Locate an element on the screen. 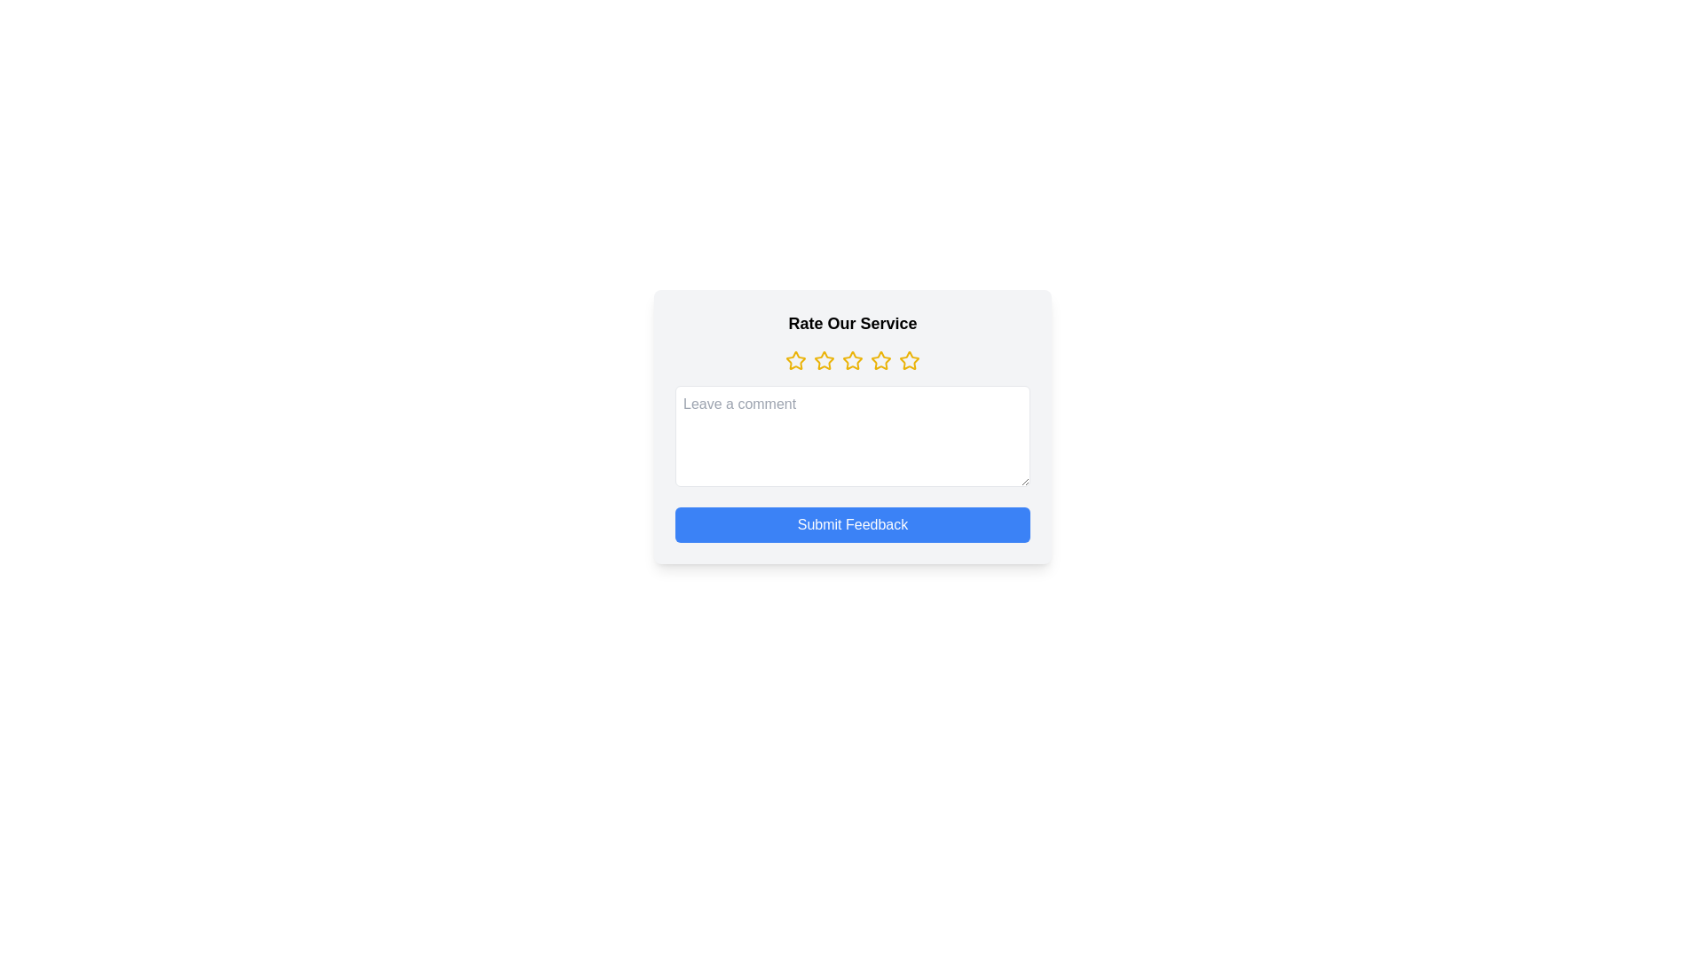  the yellow star icon in the Rating widget to rate our service is located at coordinates (852, 360).